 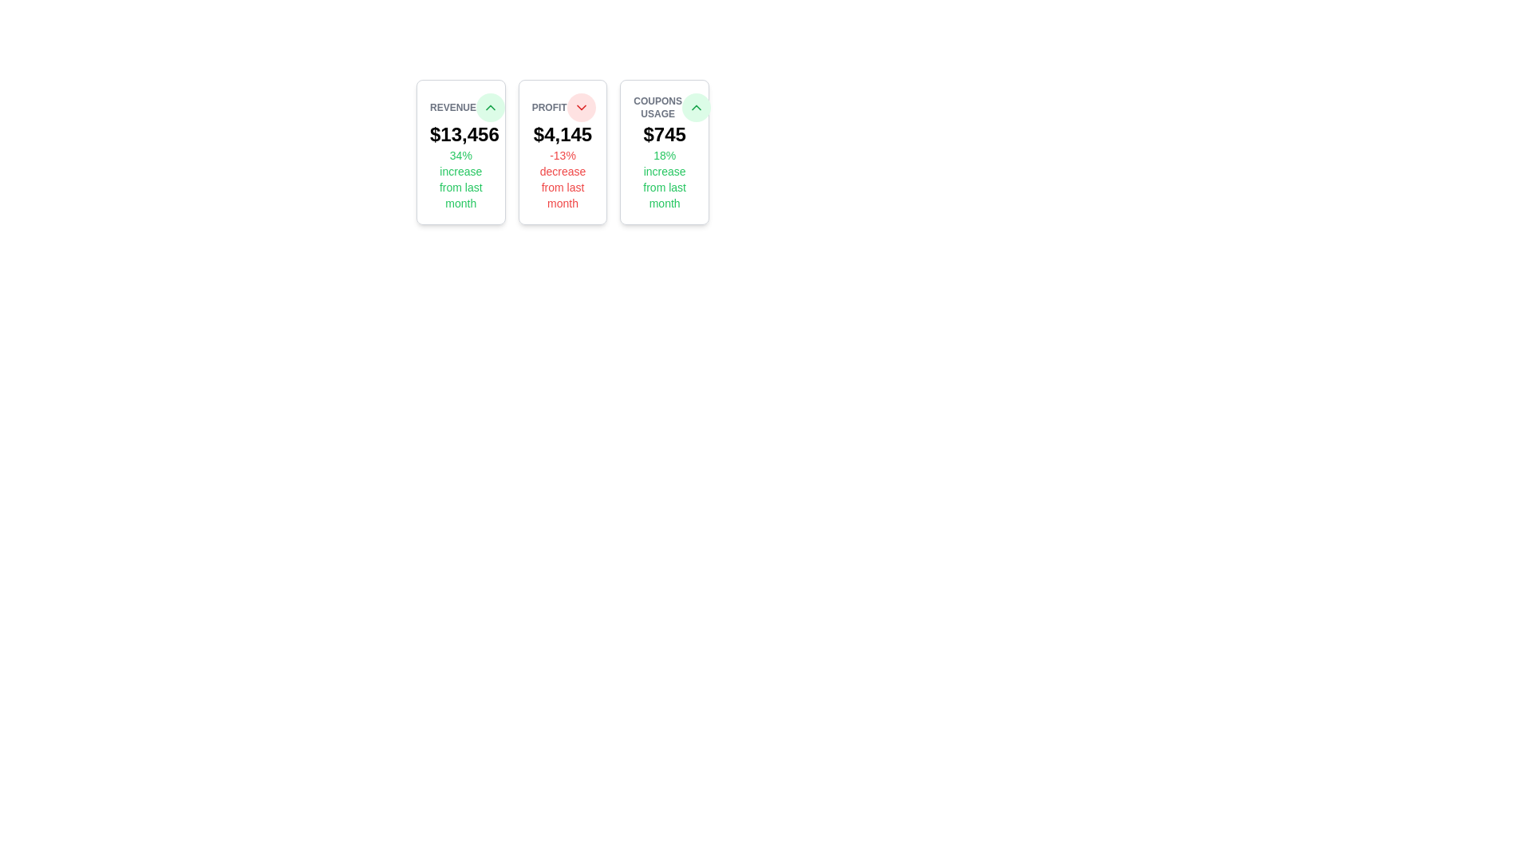 What do you see at coordinates (697, 108) in the screenshot?
I see `the upward trend Icon button located in the top-right corner of the 'Coupons Usage' card header, right next to the text 'Coupons Usage'` at bounding box center [697, 108].